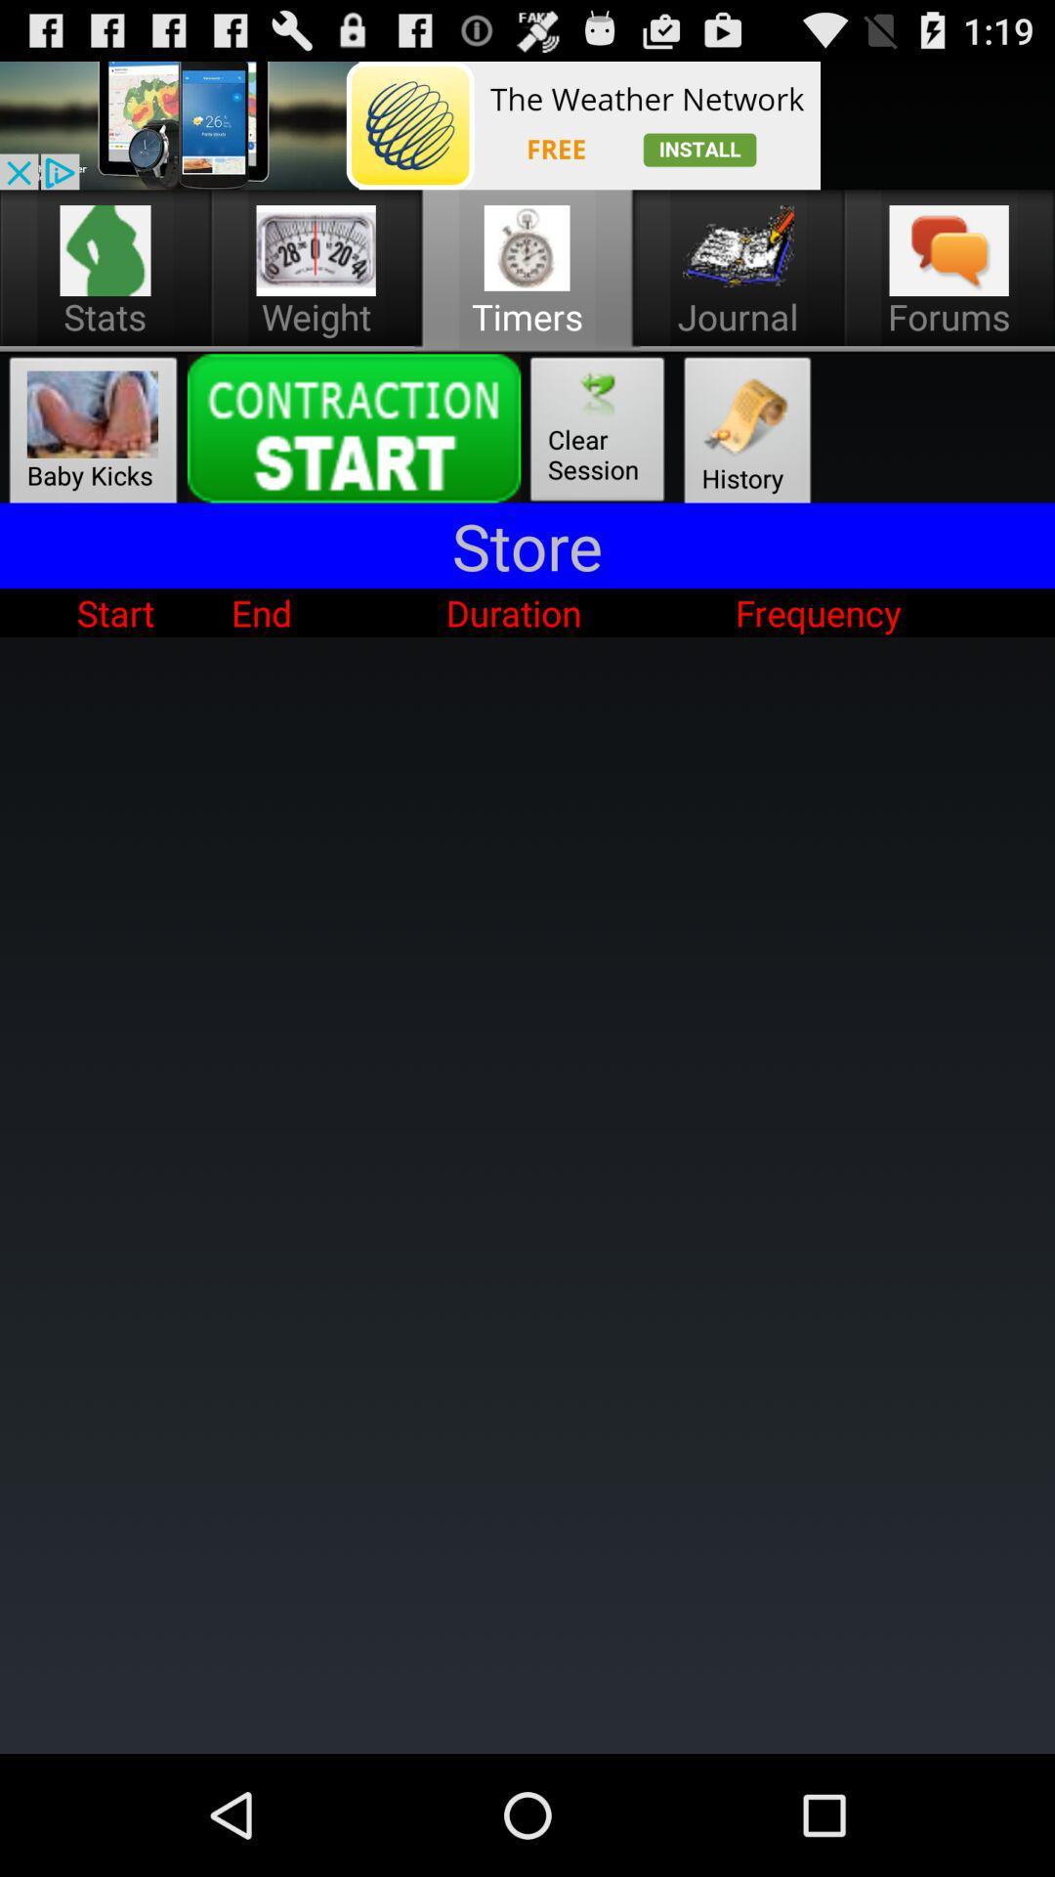 This screenshot has width=1055, height=1877. Describe the element at coordinates (409, 124) in the screenshot. I see `advertisement link` at that location.